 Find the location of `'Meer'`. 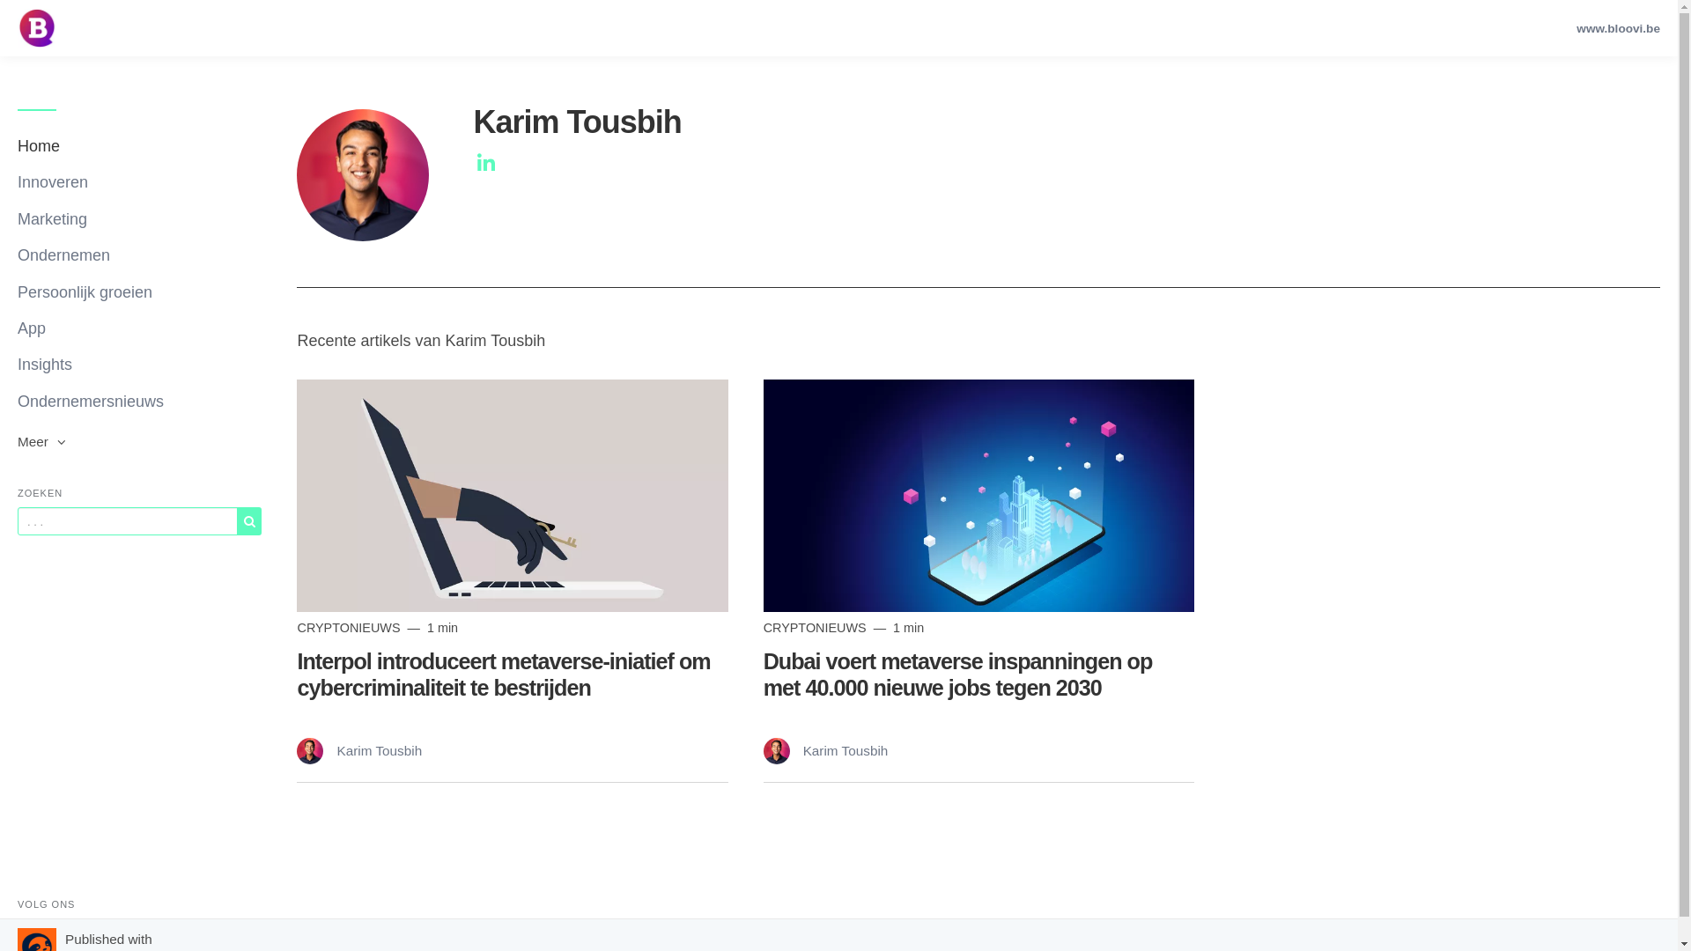

'Meer' is located at coordinates (17, 440).